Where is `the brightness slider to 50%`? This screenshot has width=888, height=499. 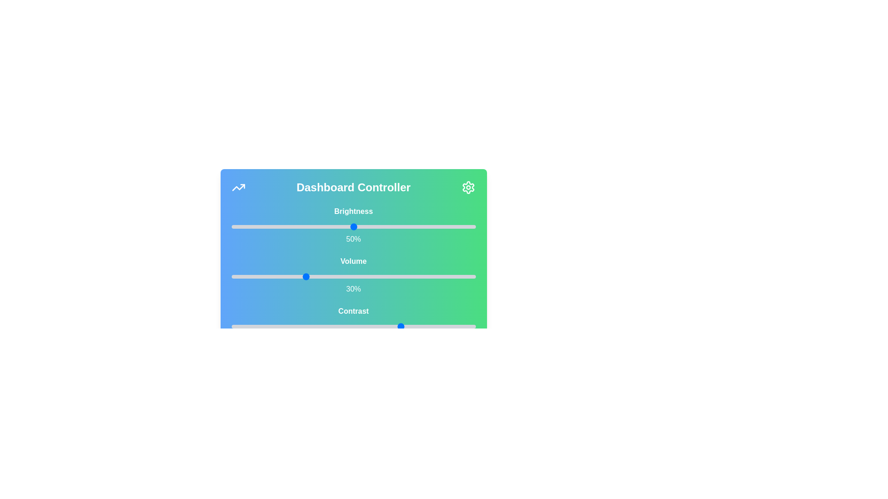 the brightness slider to 50% is located at coordinates (353, 226).